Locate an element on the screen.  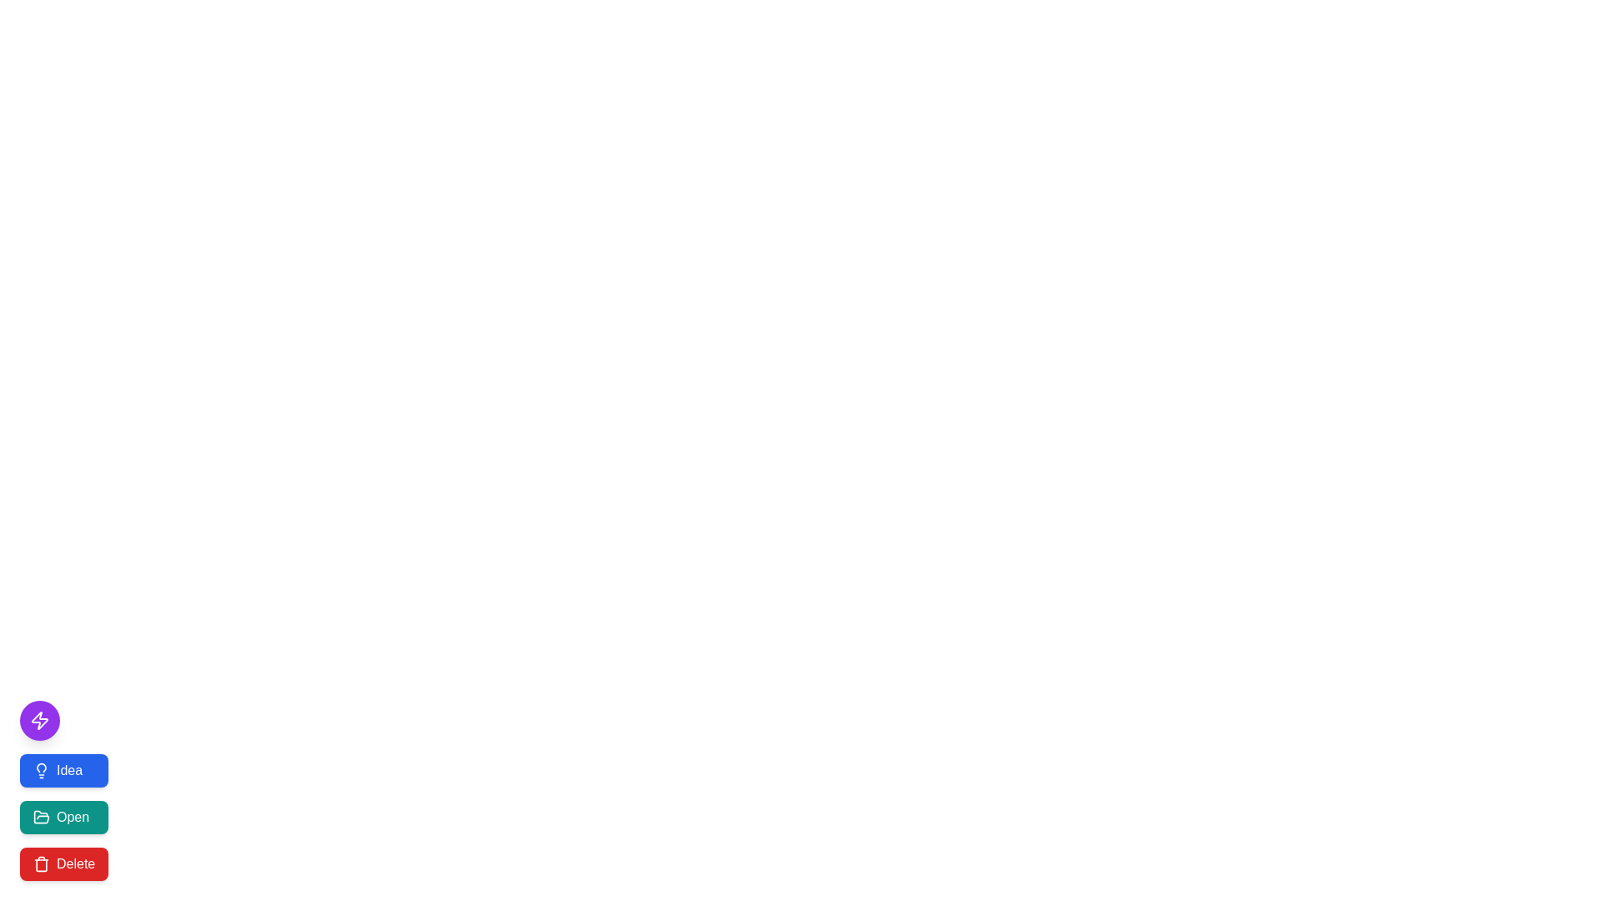
the 'Open' button, which is the second button in a vertical stack of three buttons is located at coordinates (64, 816).